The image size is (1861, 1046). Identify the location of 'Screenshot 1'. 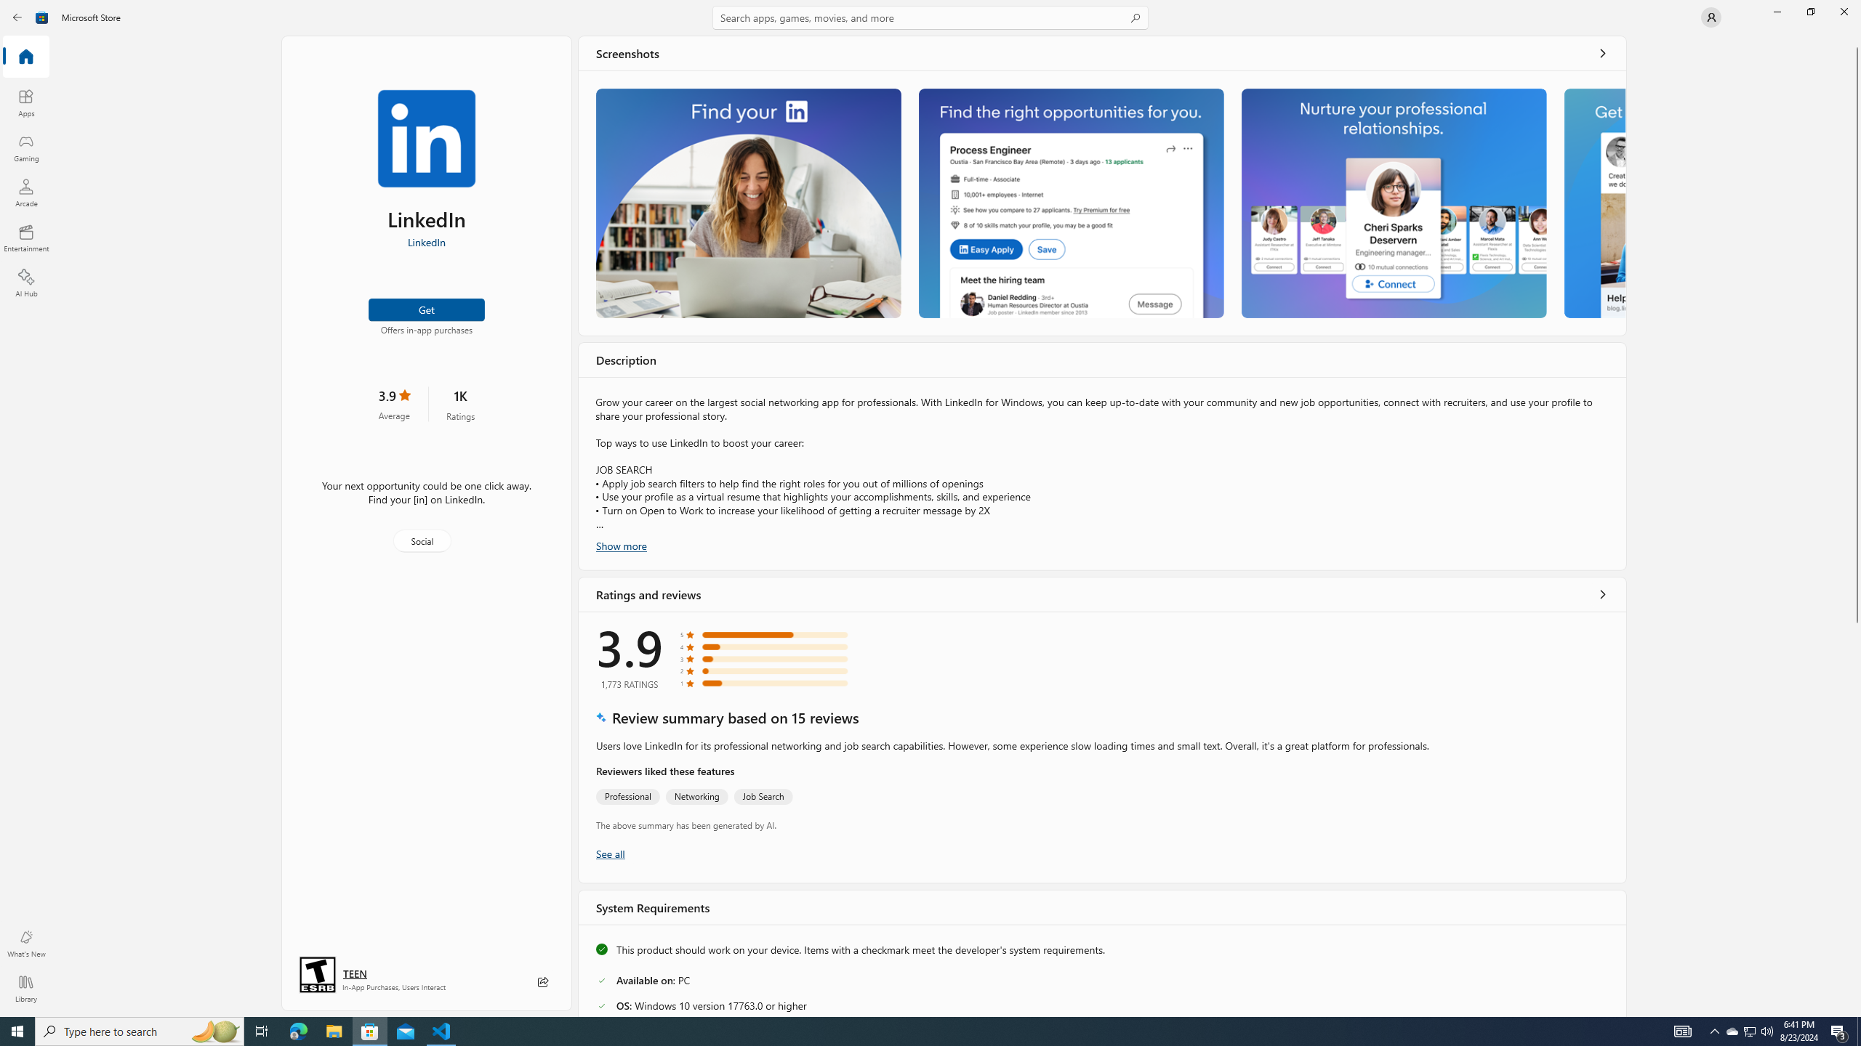
(747, 203).